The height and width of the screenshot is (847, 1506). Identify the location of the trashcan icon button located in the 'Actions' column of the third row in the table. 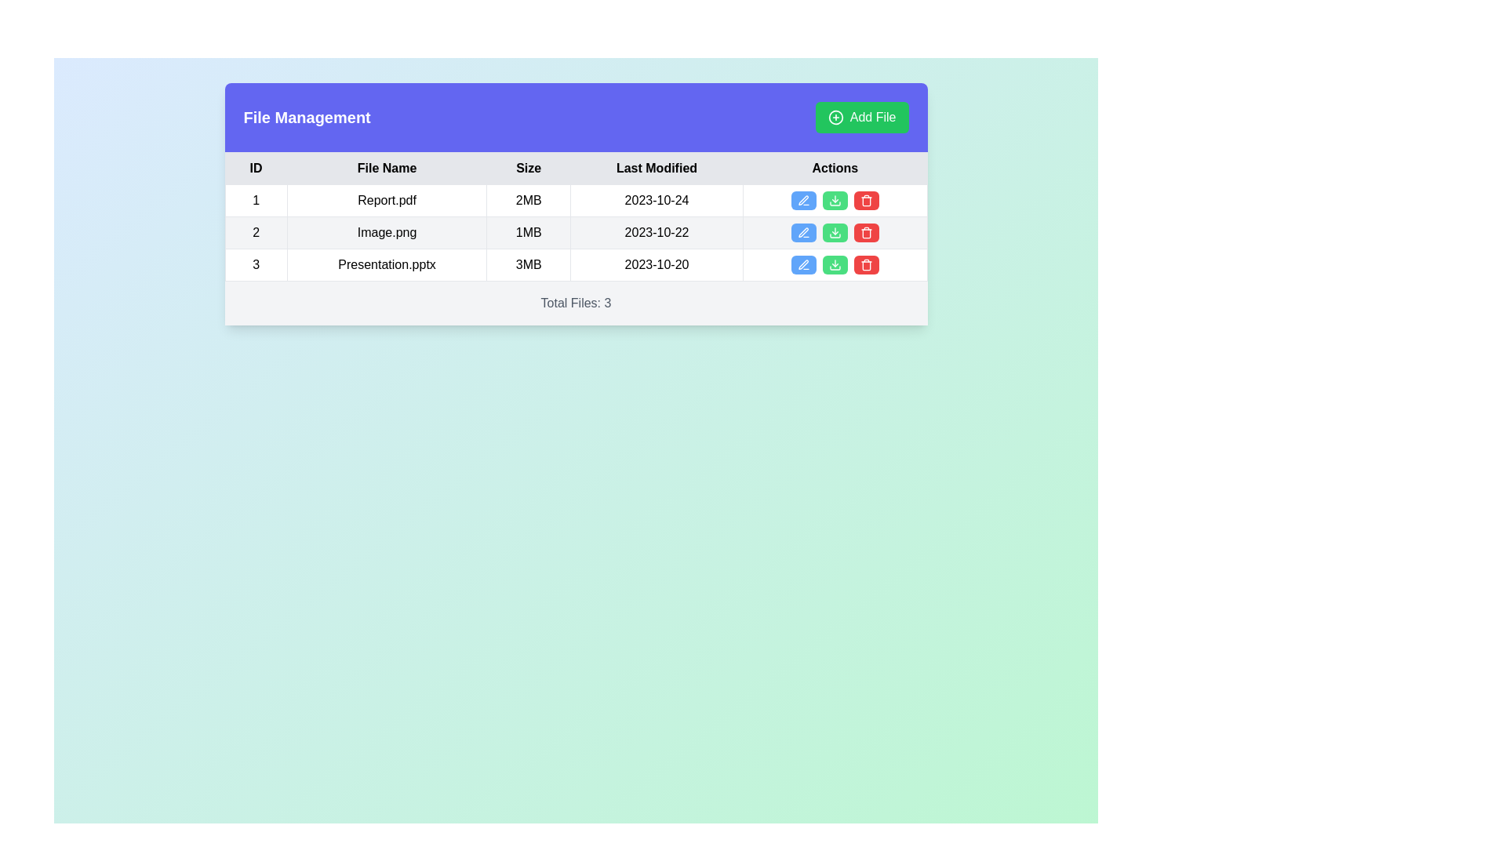
(865, 265).